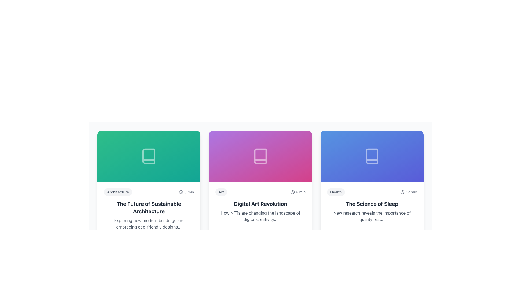 The width and height of the screenshot is (515, 289). I want to click on the first content card in the horizontal grid layout, so click(149, 193).